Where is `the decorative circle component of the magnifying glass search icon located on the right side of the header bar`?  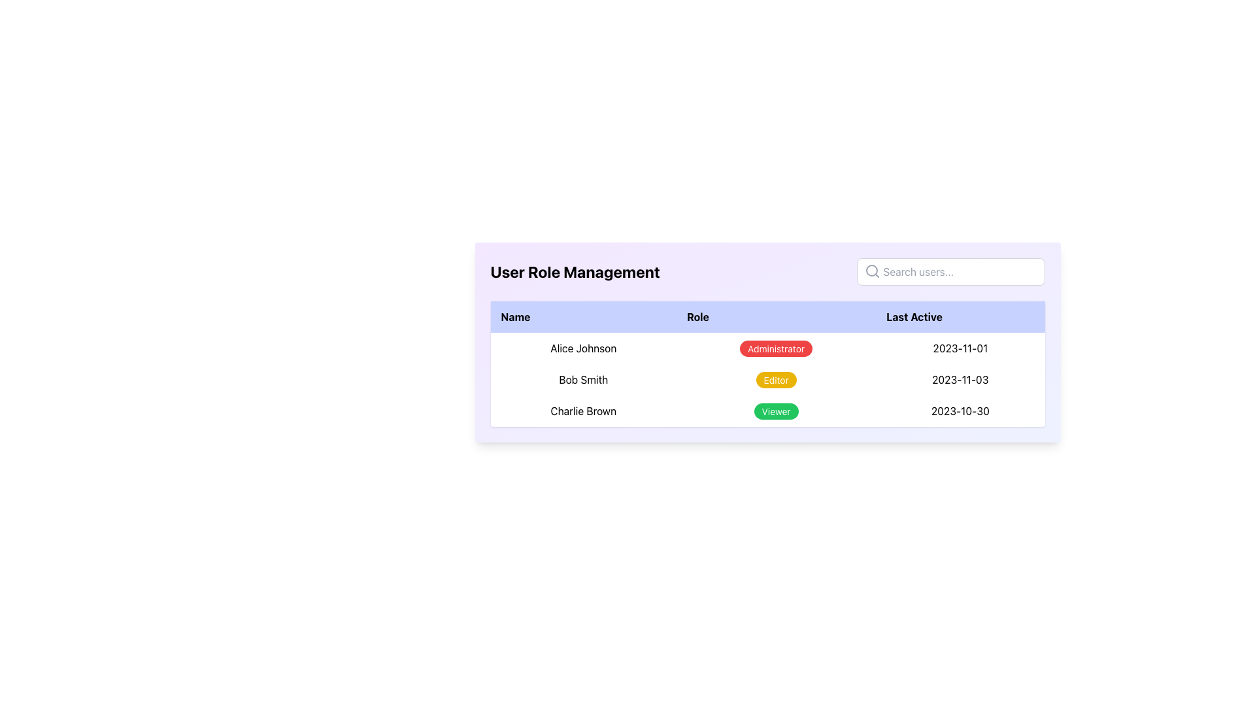 the decorative circle component of the magnifying glass search icon located on the right side of the header bar is located at coordinates (871, 269).